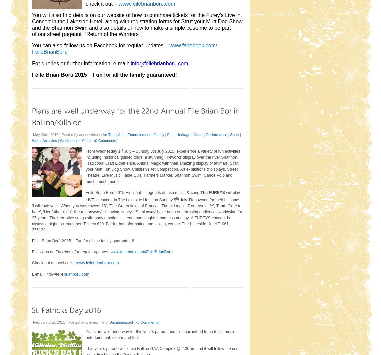  I want to click on 'May 23rd, 2015 | Posted by', so click(32, 134).